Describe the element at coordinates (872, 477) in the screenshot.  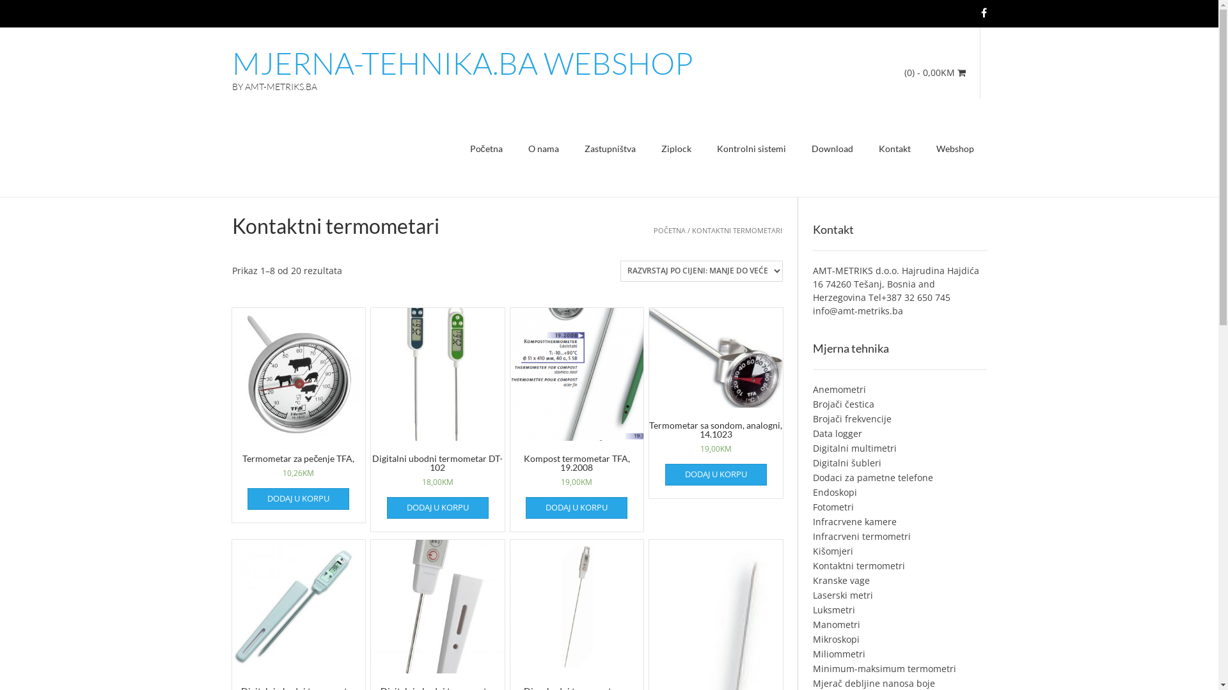
I see `'Dodaci za pametne telefone'` at that location.